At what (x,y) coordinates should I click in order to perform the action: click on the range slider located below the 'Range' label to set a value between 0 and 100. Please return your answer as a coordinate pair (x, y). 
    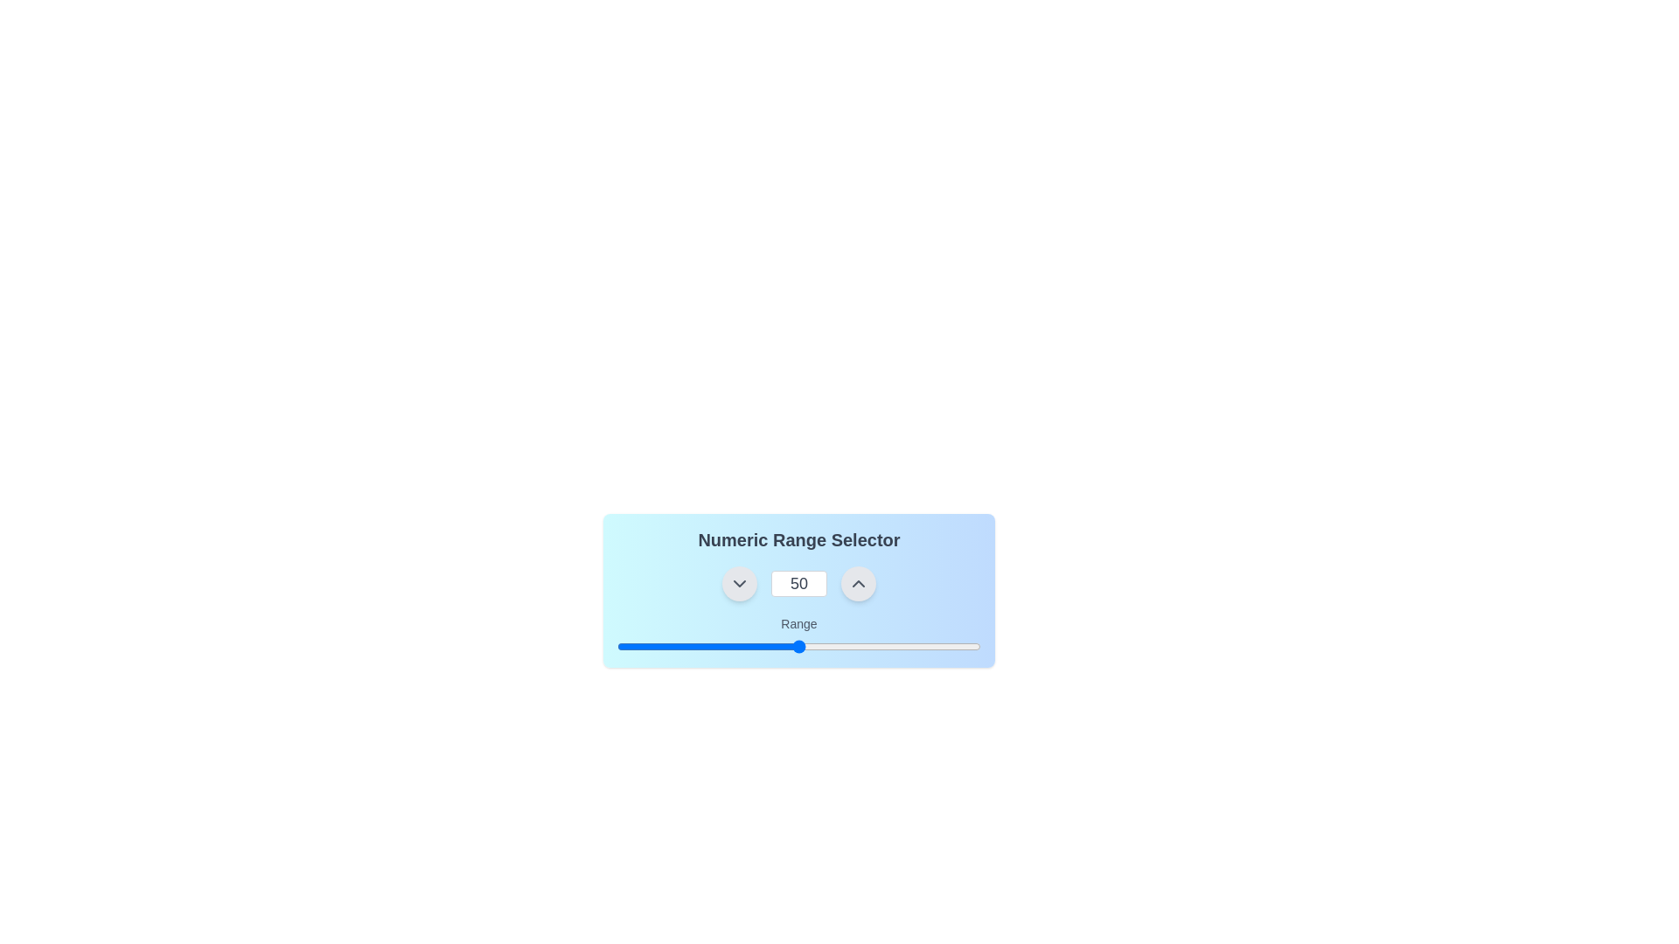
    Looking at the image, I should click on (798, 647).